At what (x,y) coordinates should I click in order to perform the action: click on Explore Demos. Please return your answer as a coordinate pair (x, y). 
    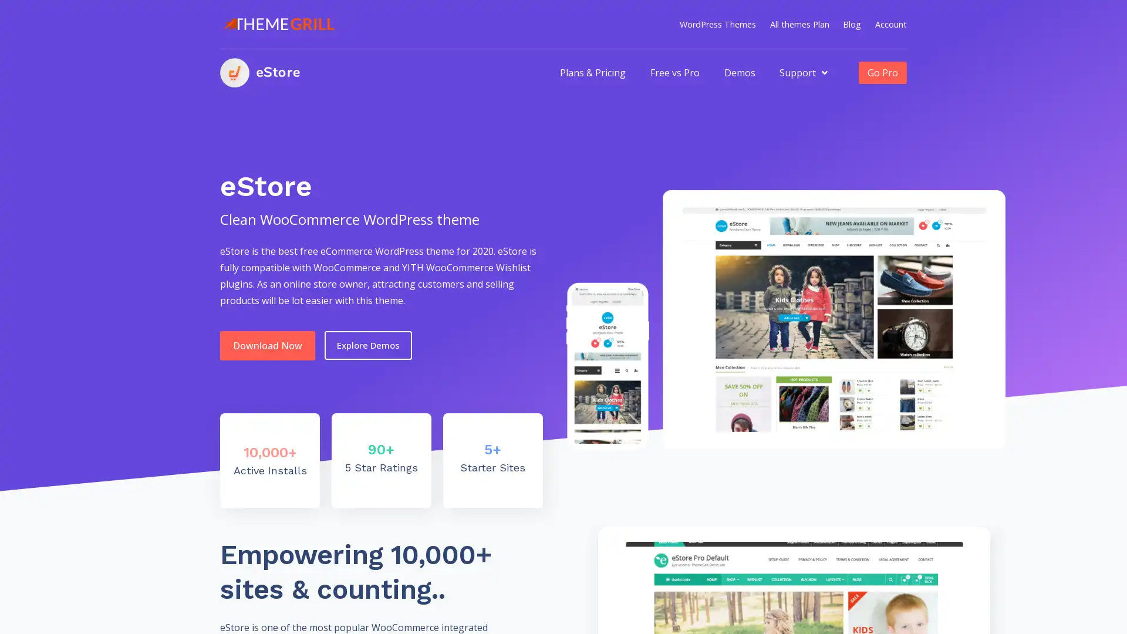
    Looking at the image, I should click on (367, 345).